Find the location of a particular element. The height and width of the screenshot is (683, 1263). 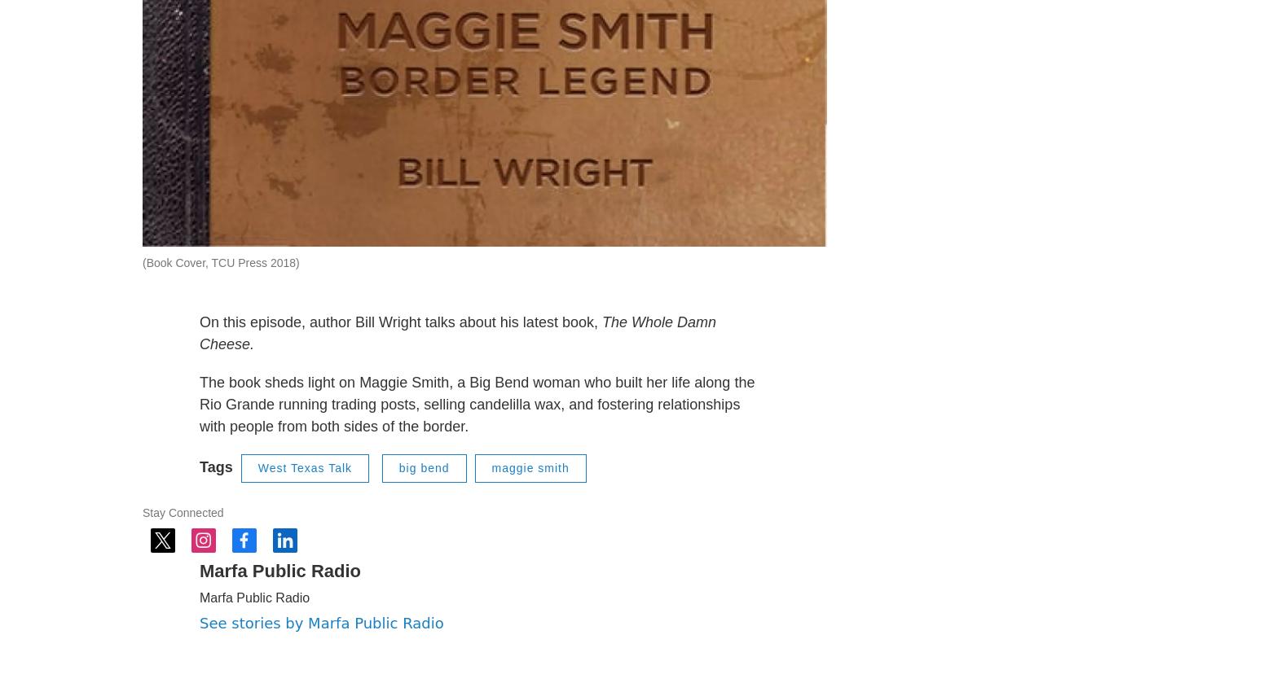

'Stay Connected' is located at coordinates (141, 552).